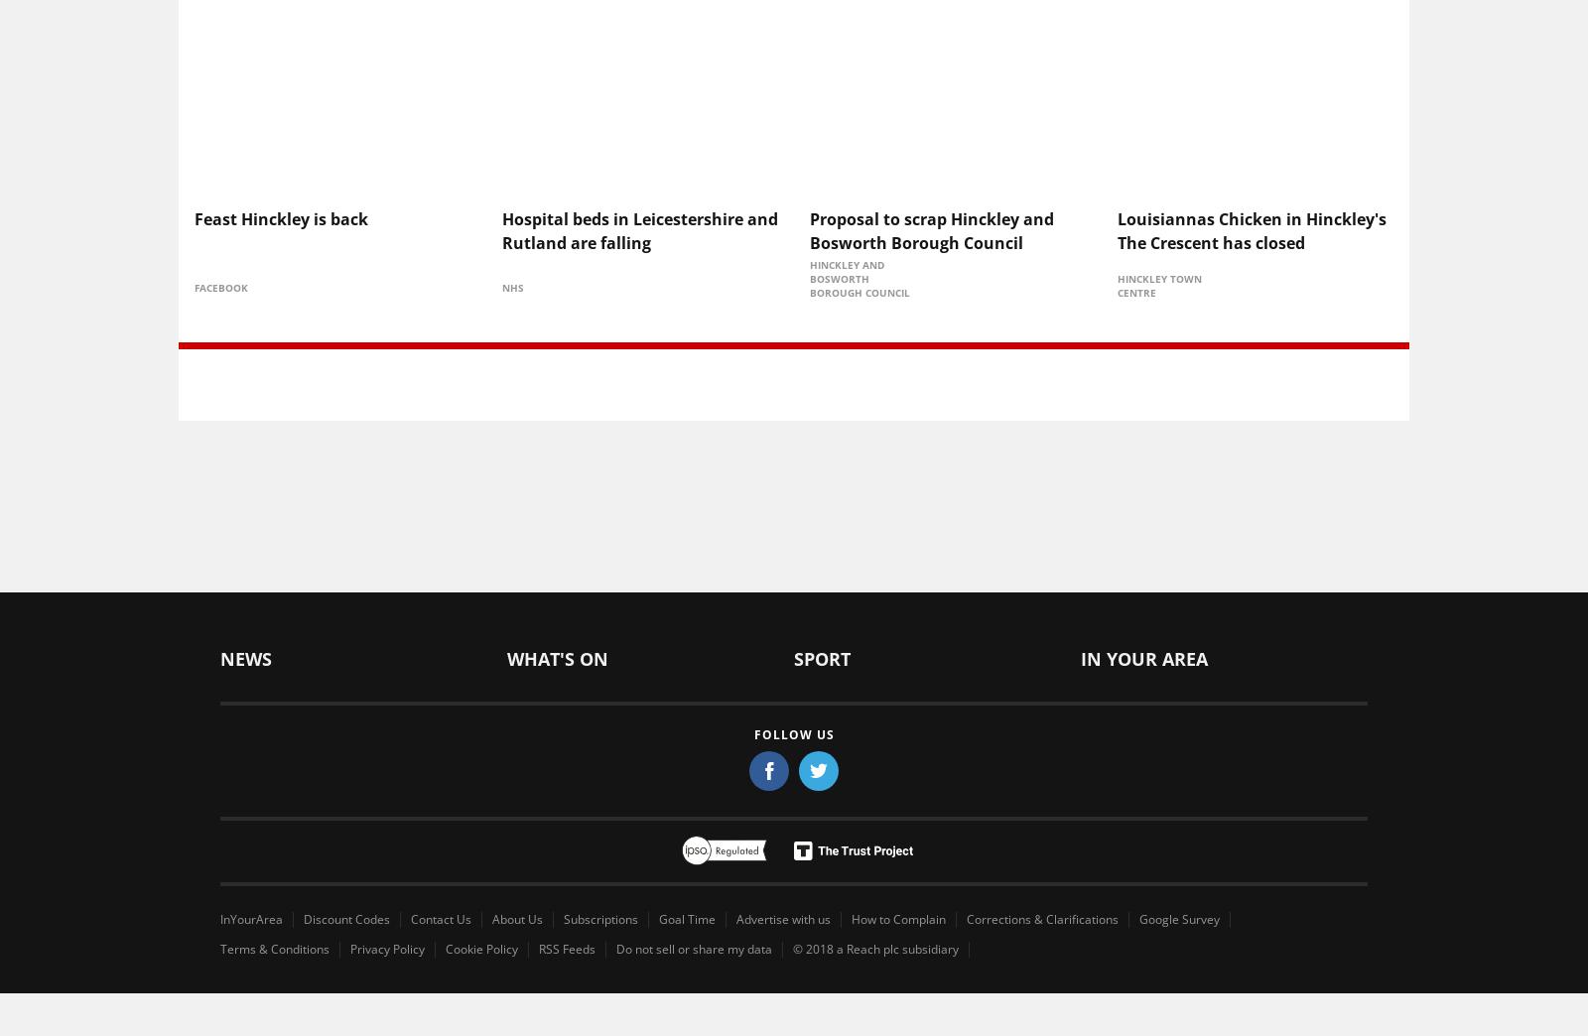  What do you see at coordinates (753, 733) in the screenshot?
I see `'Follow us'` at bounding box center [753, 733].